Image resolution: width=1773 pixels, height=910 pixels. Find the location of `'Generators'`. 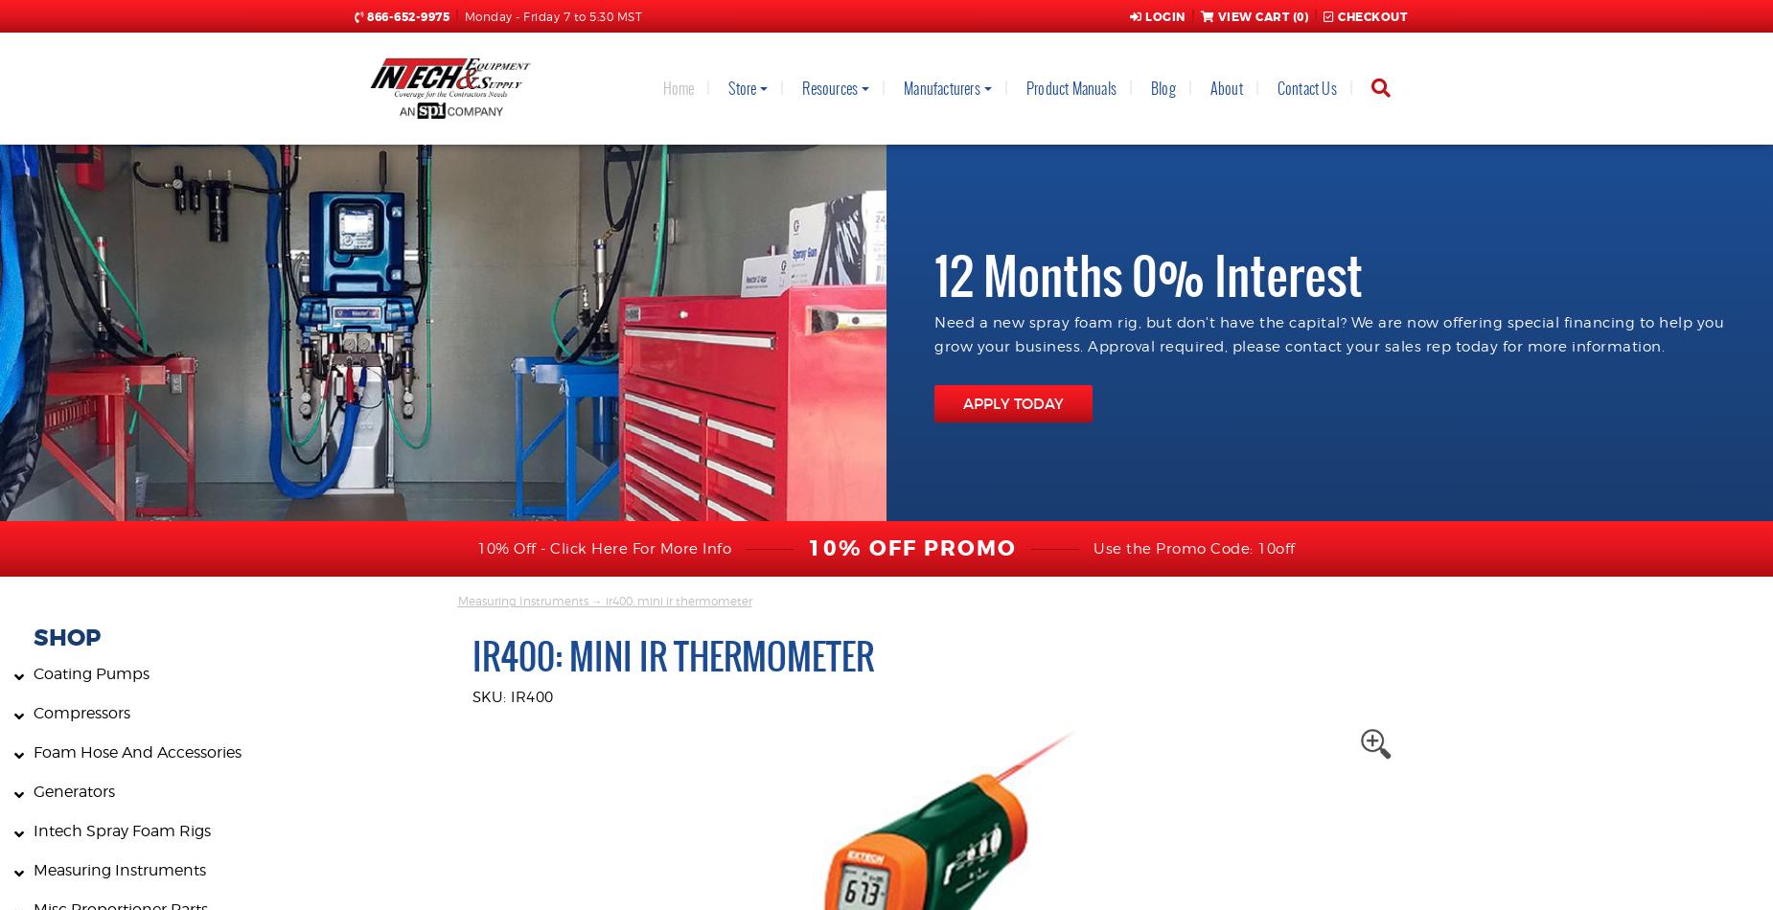

'Generators' is located at coordinates (73, 790).